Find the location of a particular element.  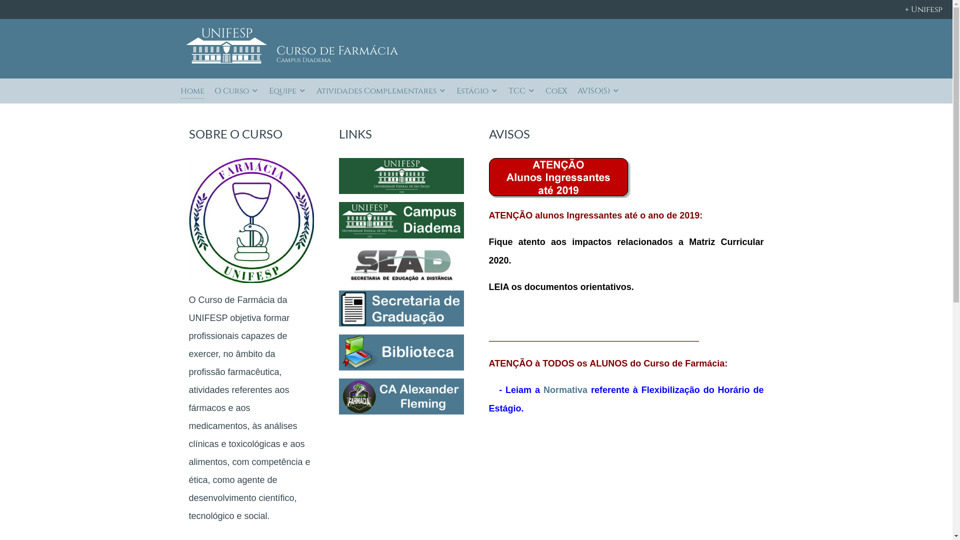

'AVISO(S)' is located at coordinates (598, 91).